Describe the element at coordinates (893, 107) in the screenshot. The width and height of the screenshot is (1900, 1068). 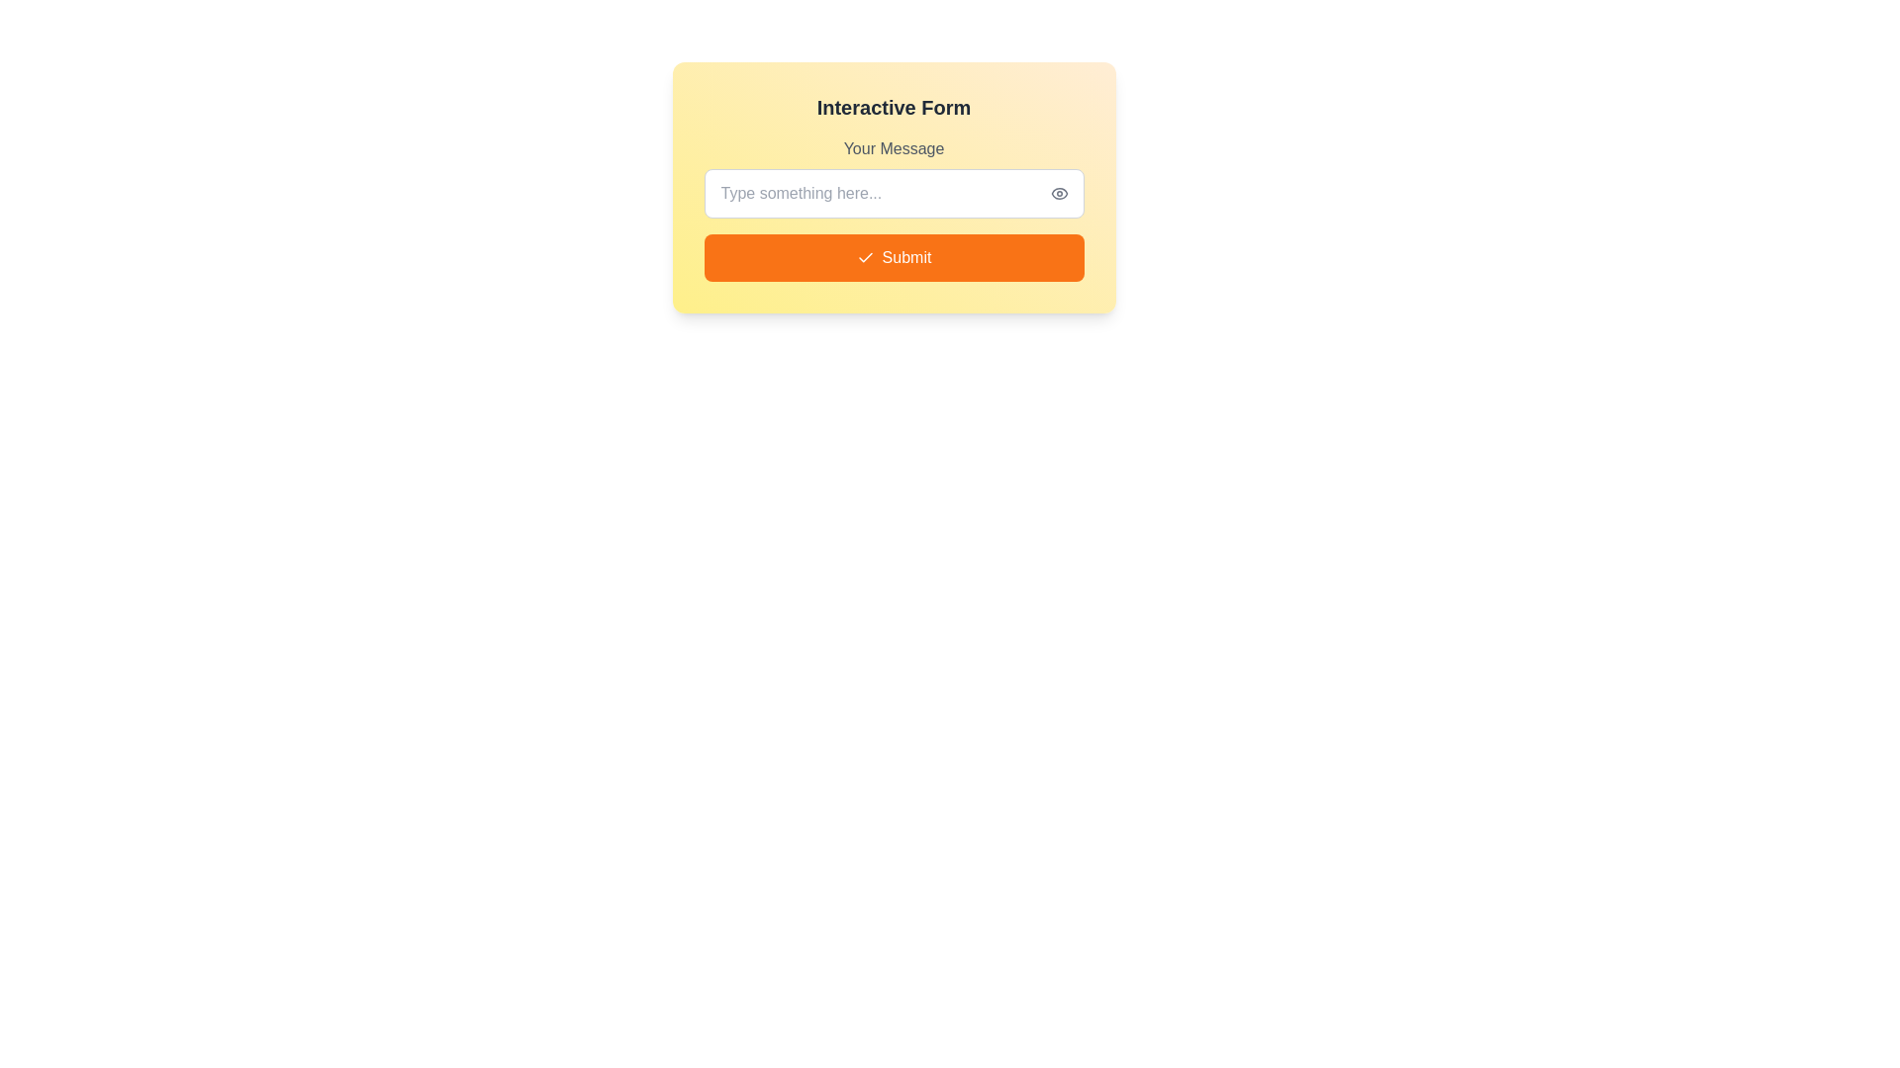
I see `the title or heading text element that serves as context for the form, positioned at the top of the form box and above the 'Your Message' label` at that location.